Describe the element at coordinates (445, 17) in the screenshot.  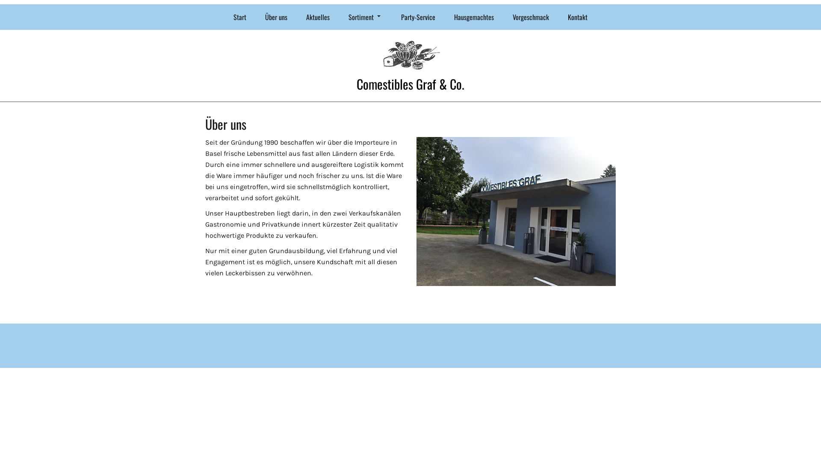
I see `'Hausgemachtes'` at that location.